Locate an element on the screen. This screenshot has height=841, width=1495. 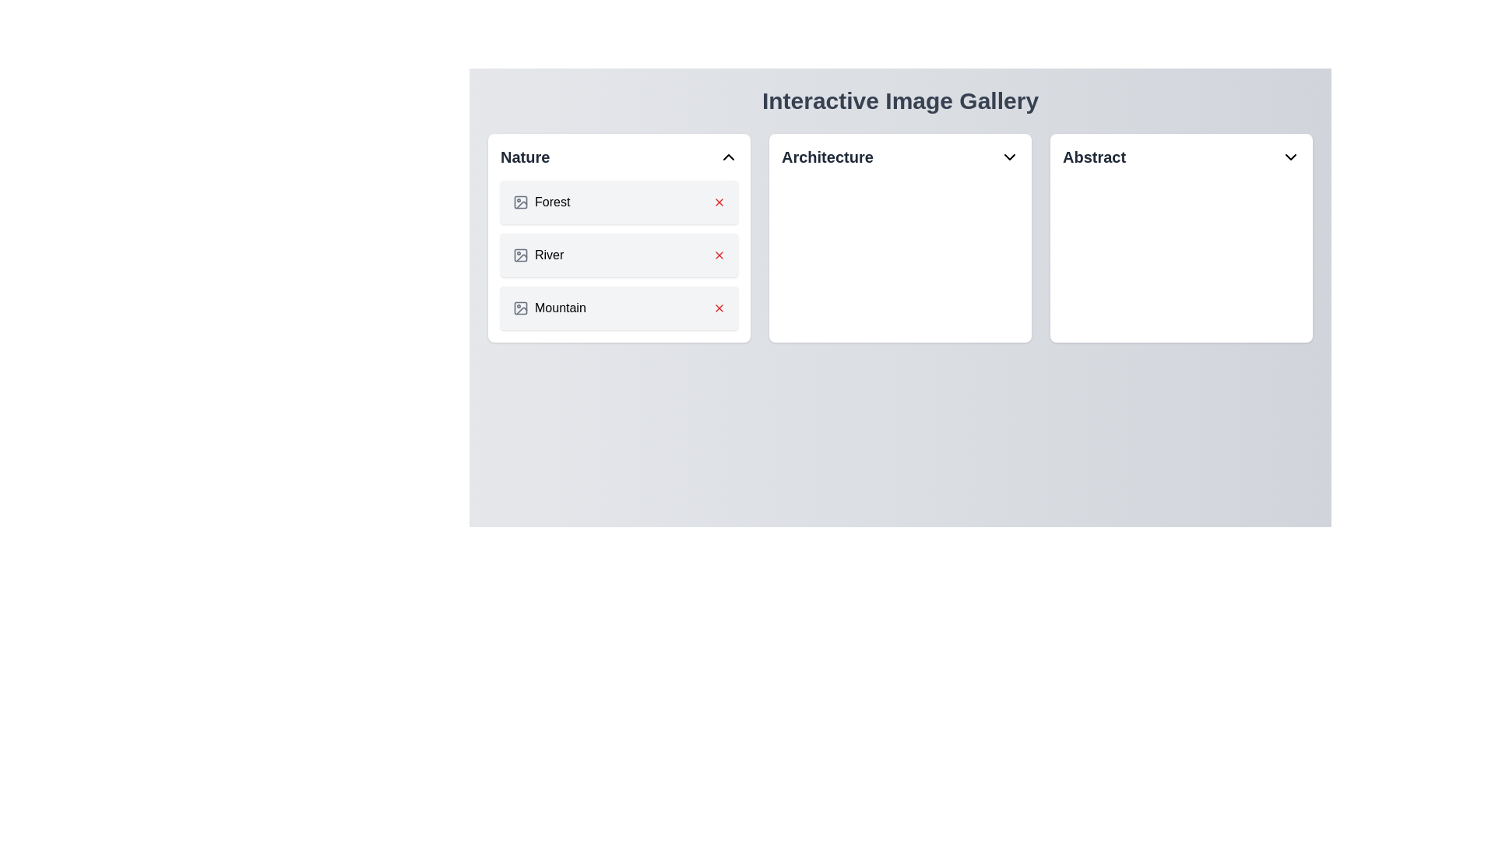
the dropdown button located beneath the title 'Interactive Image Gallery' is located at coordinates (900, 157).